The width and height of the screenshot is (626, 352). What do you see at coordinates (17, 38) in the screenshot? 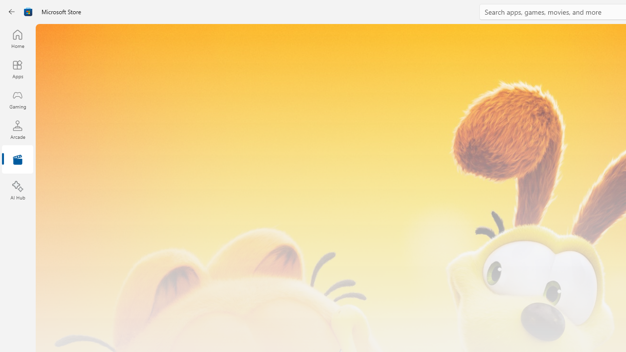
I see `'Home'` at bounding box center [17, 38].